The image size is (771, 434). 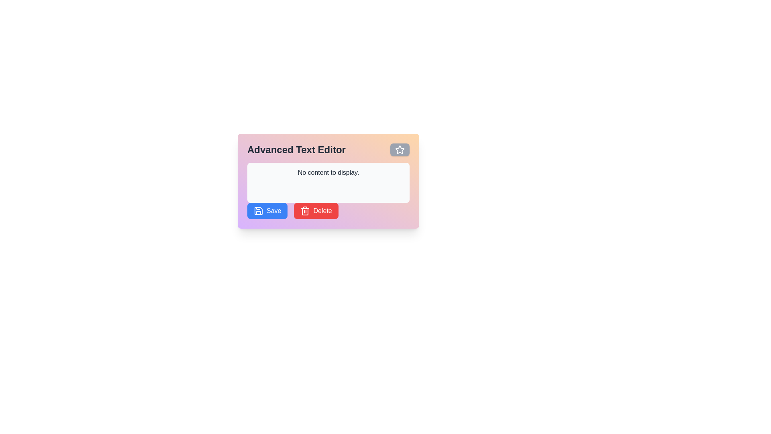 I want to click on the delete button located at the bottom right part of the card interface, so click(x=316, y=210).